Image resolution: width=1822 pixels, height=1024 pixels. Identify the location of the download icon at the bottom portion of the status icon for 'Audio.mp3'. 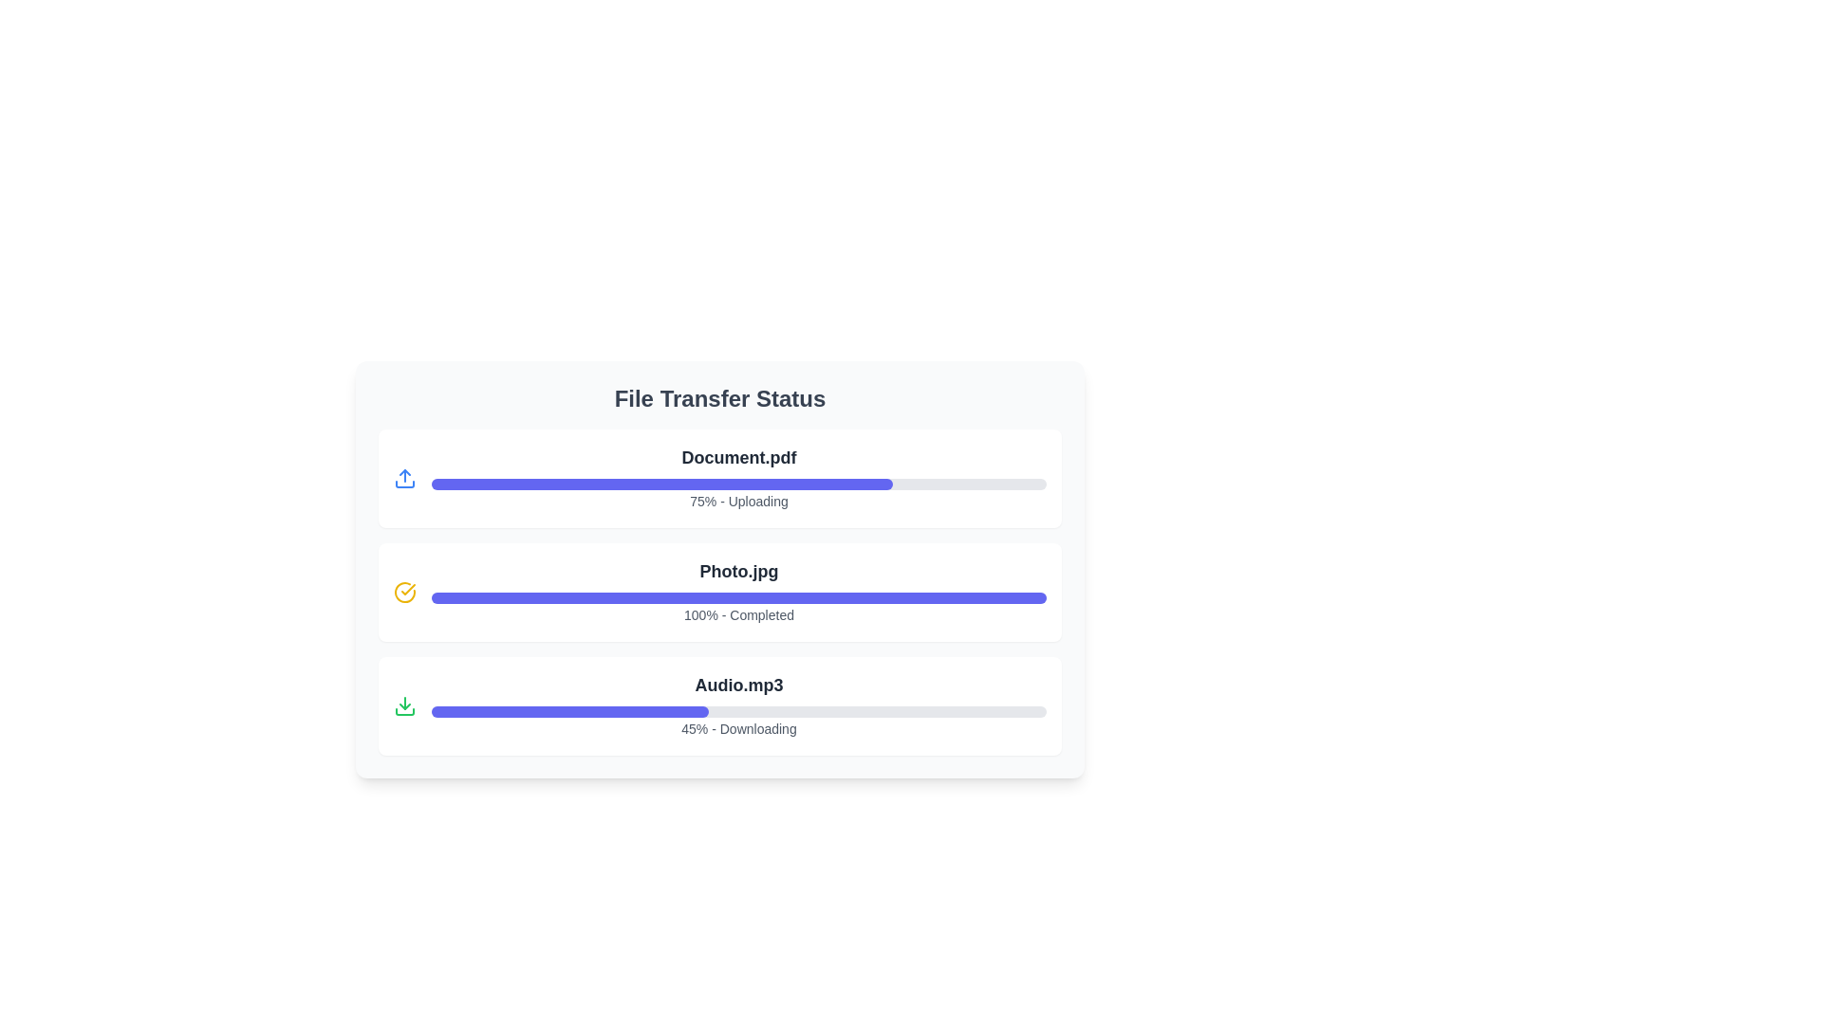
(404, 712).